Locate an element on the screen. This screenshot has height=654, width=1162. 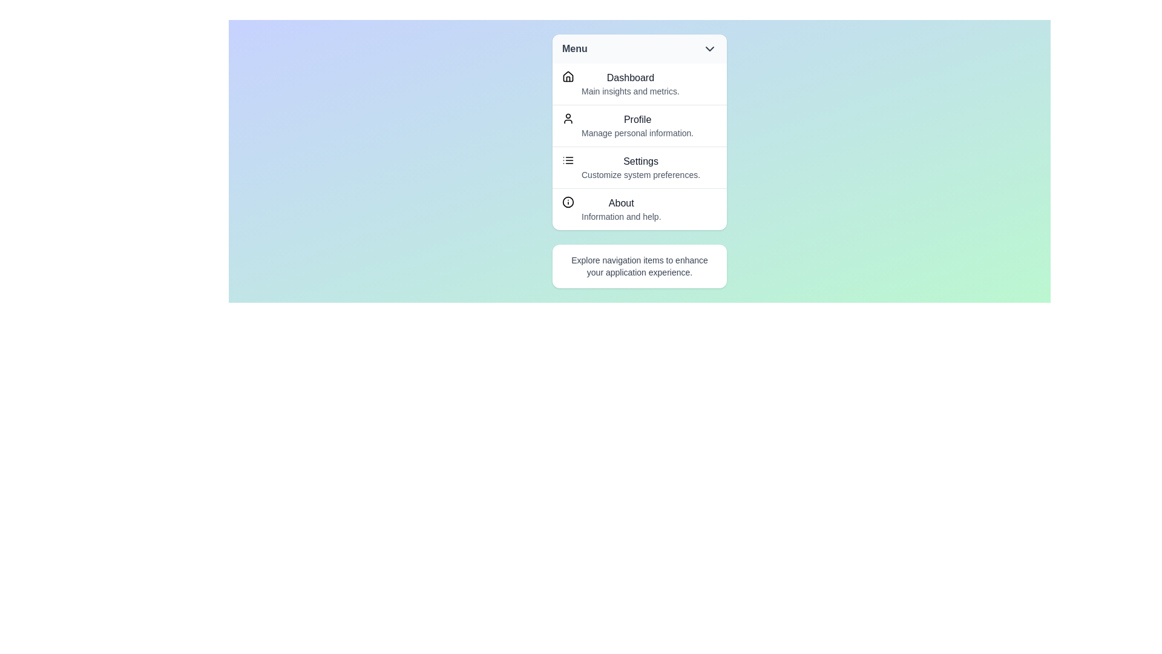
the menu toggle button to toggle the menu visibility is located at coordinates (638, 48).